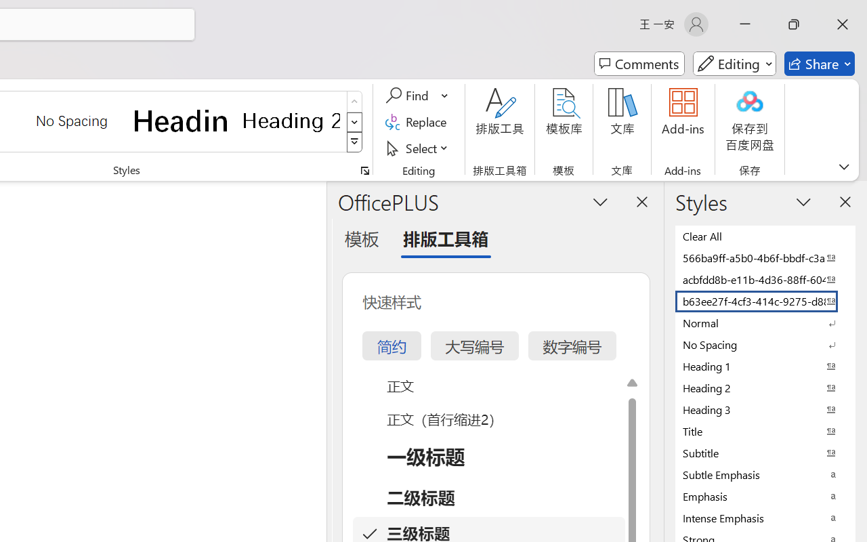 The width and height of the screenshot is (867, 542). Describe the element at coordinates (417, 121) in the screenshot. I see `'Replace...'` at that location.